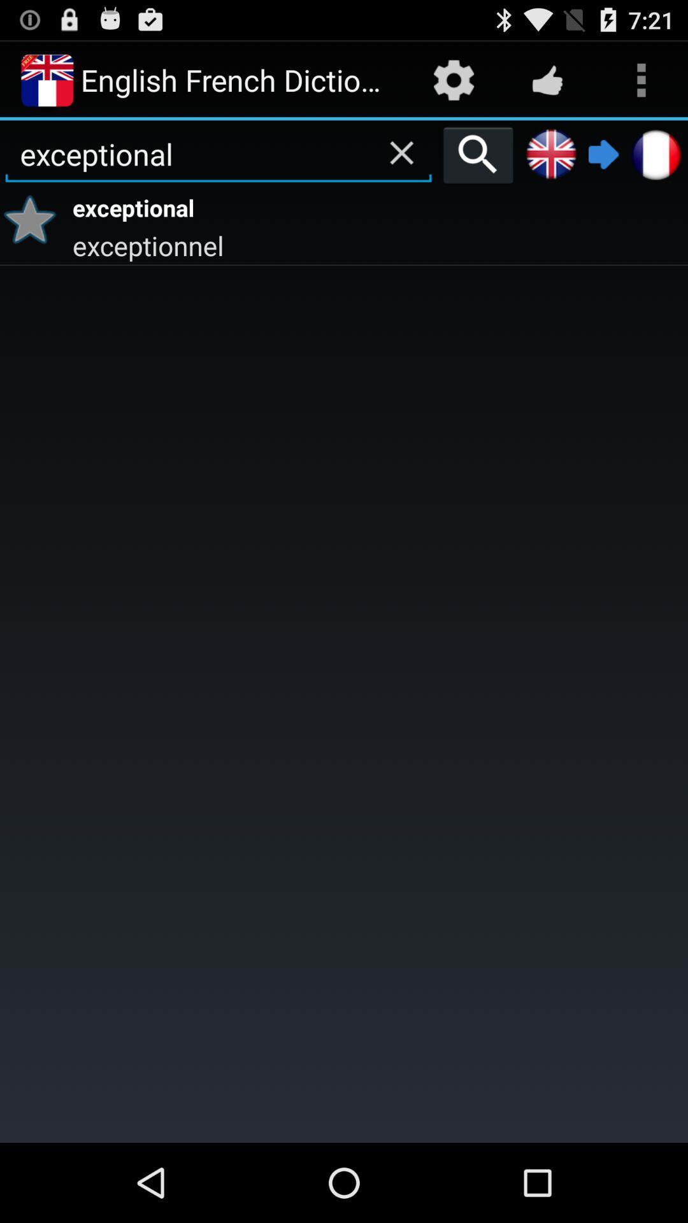 The width and height of the screenshot is (688, 1223). What do you see at coordinates (34, 219) in the screenshot?
I see `the item below exceptional` at bounding box center [34, 219].